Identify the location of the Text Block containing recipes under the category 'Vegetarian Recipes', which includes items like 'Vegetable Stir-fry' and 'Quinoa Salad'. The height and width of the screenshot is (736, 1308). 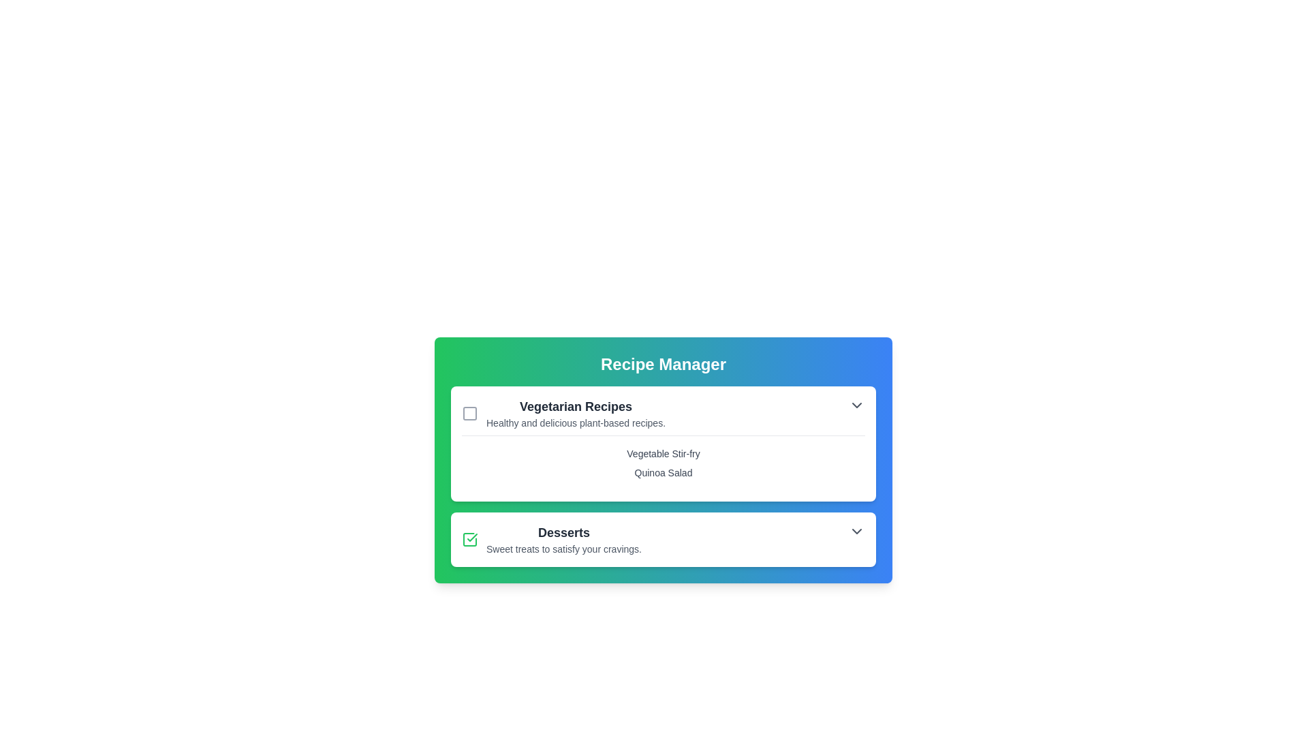
(664, 476).